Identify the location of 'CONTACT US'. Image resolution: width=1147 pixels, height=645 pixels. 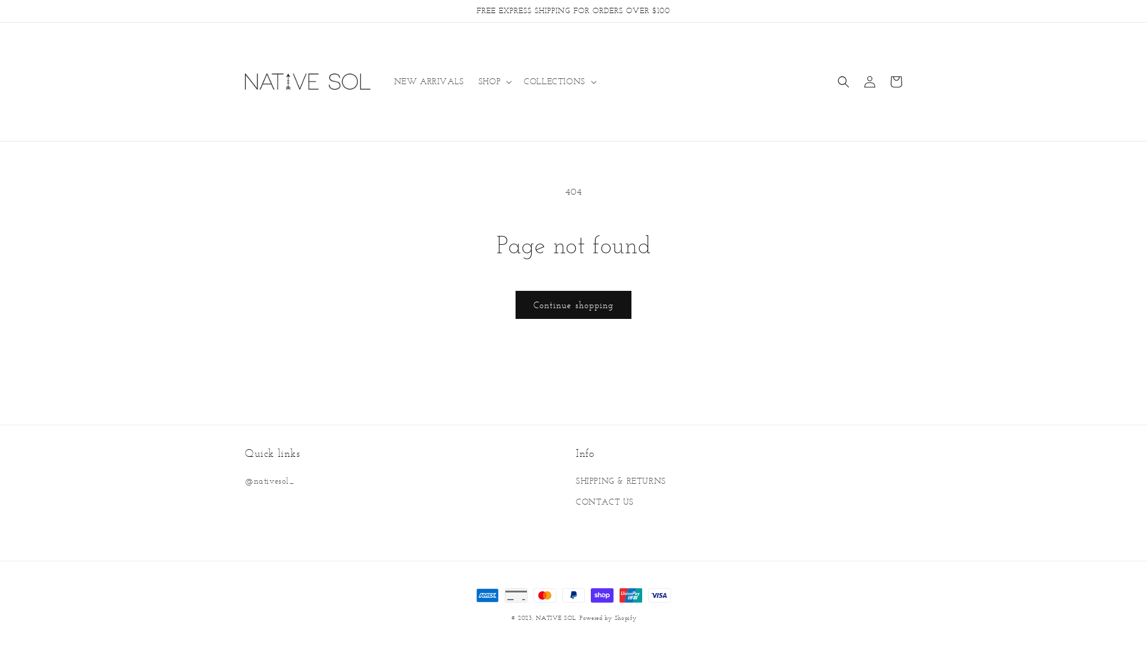
(605, 502).